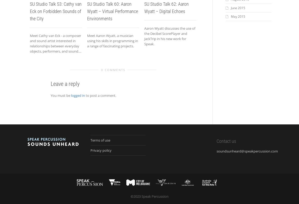 The height and width of the screenshot is (204, 299). What do you see at coordinates (166, 8) in the screenshot?
I see `'SU Studio Talk 62: Aaron Wyatt – Digital Echoes'` at bounding box center [166, 8].